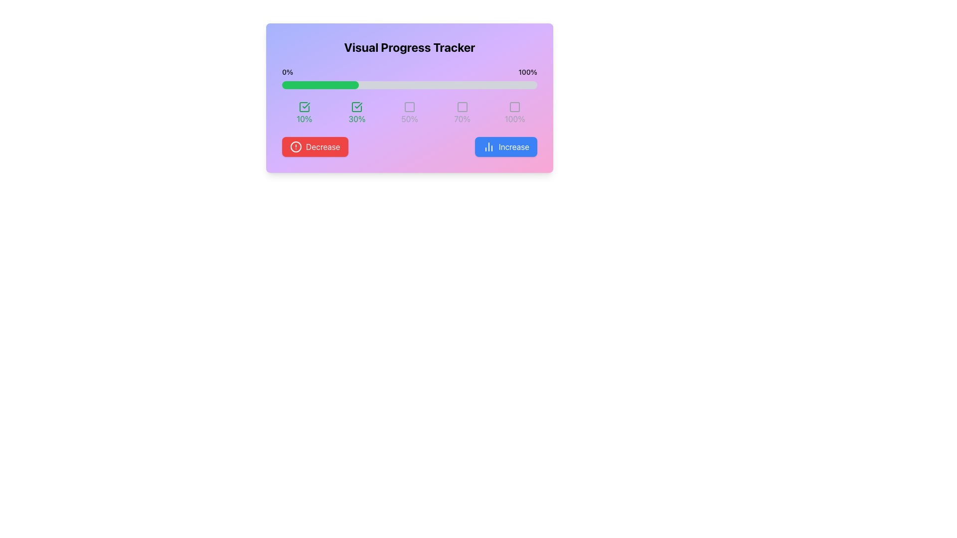 The height and width of the screenshot is (538, 957). Describe the element at coordinates (358, 106) in the screenshot. I see `the green check mark icon, which is the second element in the horizontal sequence of progress indicators within the progress tracker panel` at that location.